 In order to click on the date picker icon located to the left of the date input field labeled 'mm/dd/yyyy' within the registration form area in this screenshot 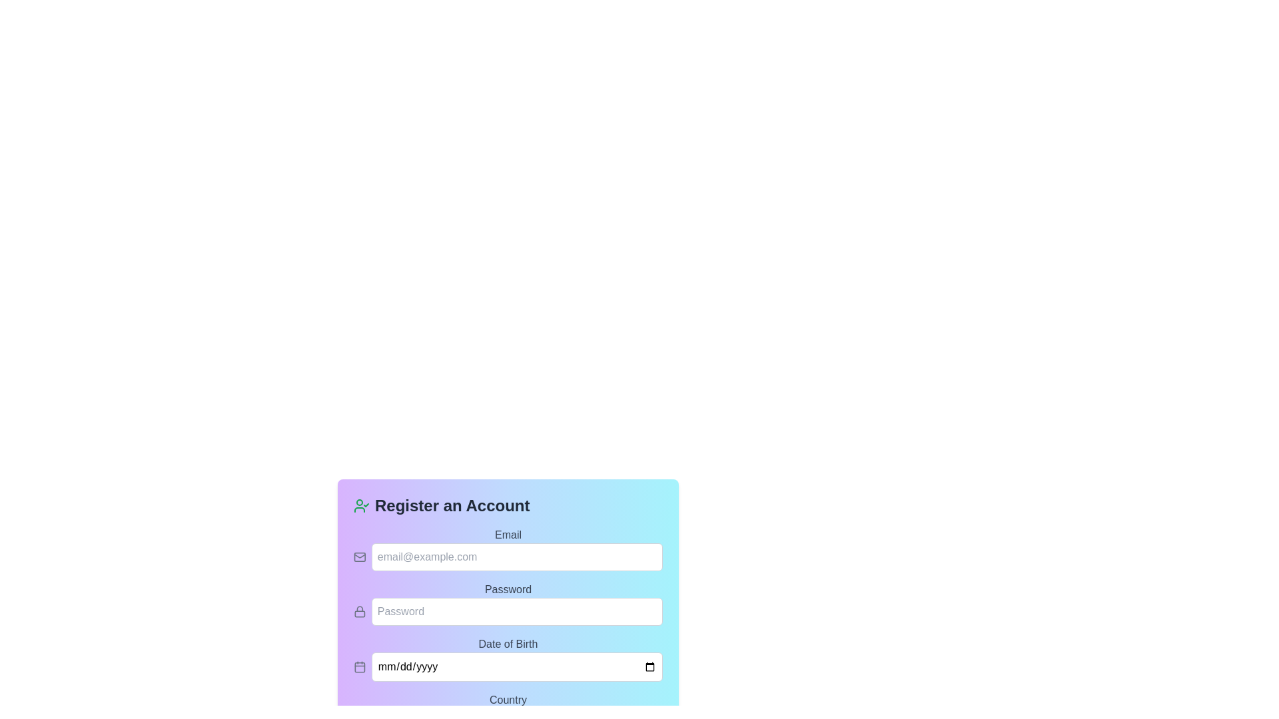, I will do `click(360, 667)`.